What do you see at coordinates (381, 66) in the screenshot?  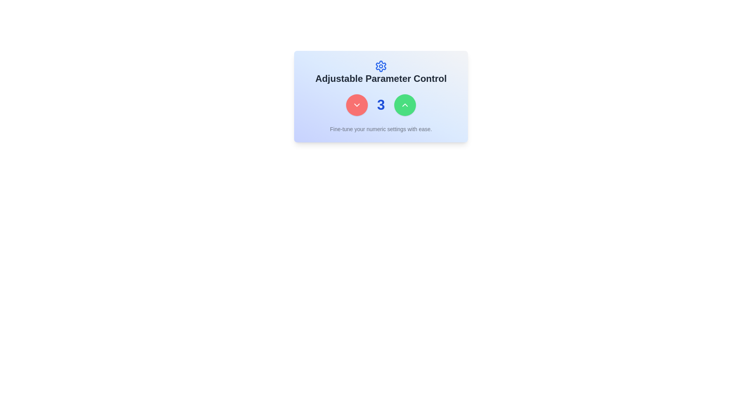 I see `the settings icon represented by a cogwheel located in the center of the blue-themed header section` at bounding box center [381, 66].